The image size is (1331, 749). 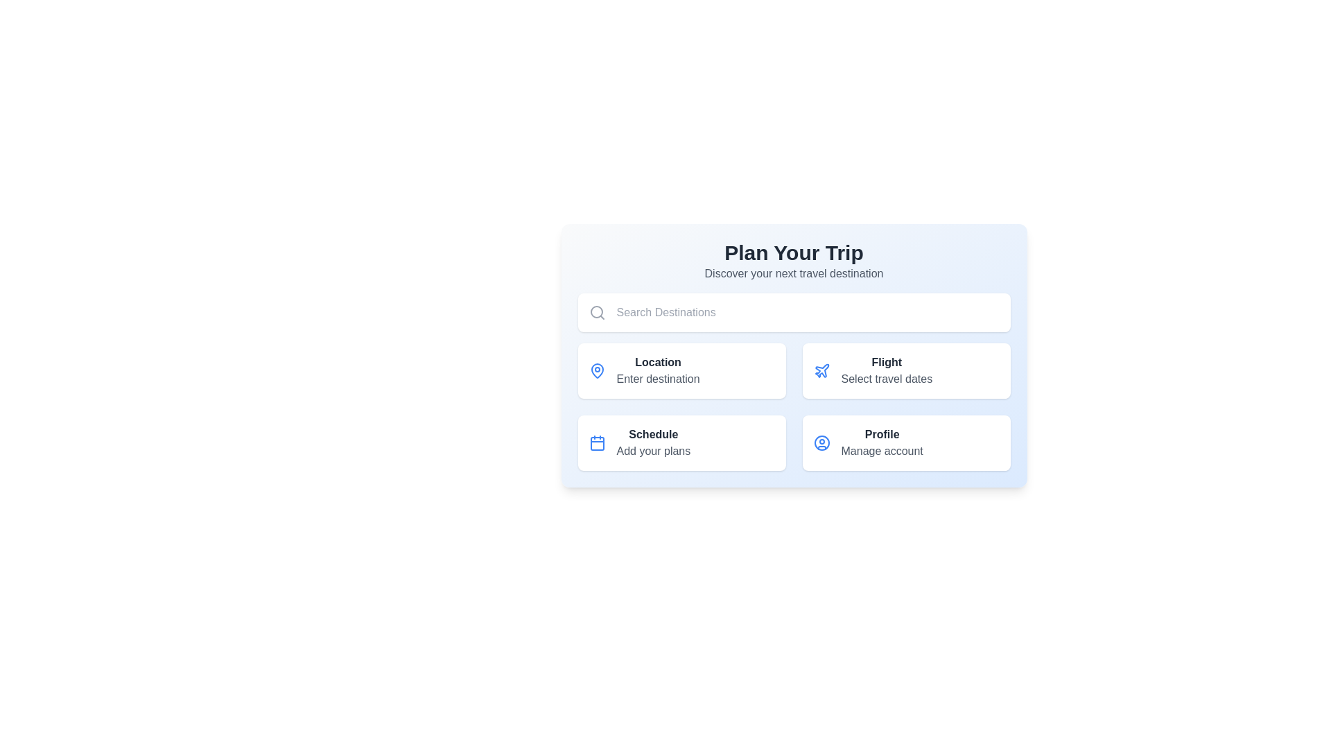 What do you see at coordinates (597, 444) in the screenshot?
I see `the rounded rectangle-shaped component within the calendar icon, part of the 'Schedule' button located in the lower-left section of the interface` at bounding box center [597, 444].